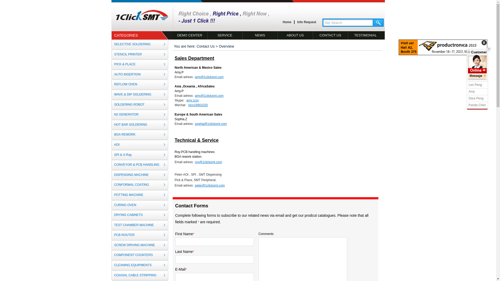 The image size is (500, 281). What do you see at coordinates (187, 105) in the screenshot?
I see `'nico19901020'` at bounding box center [187, 105].